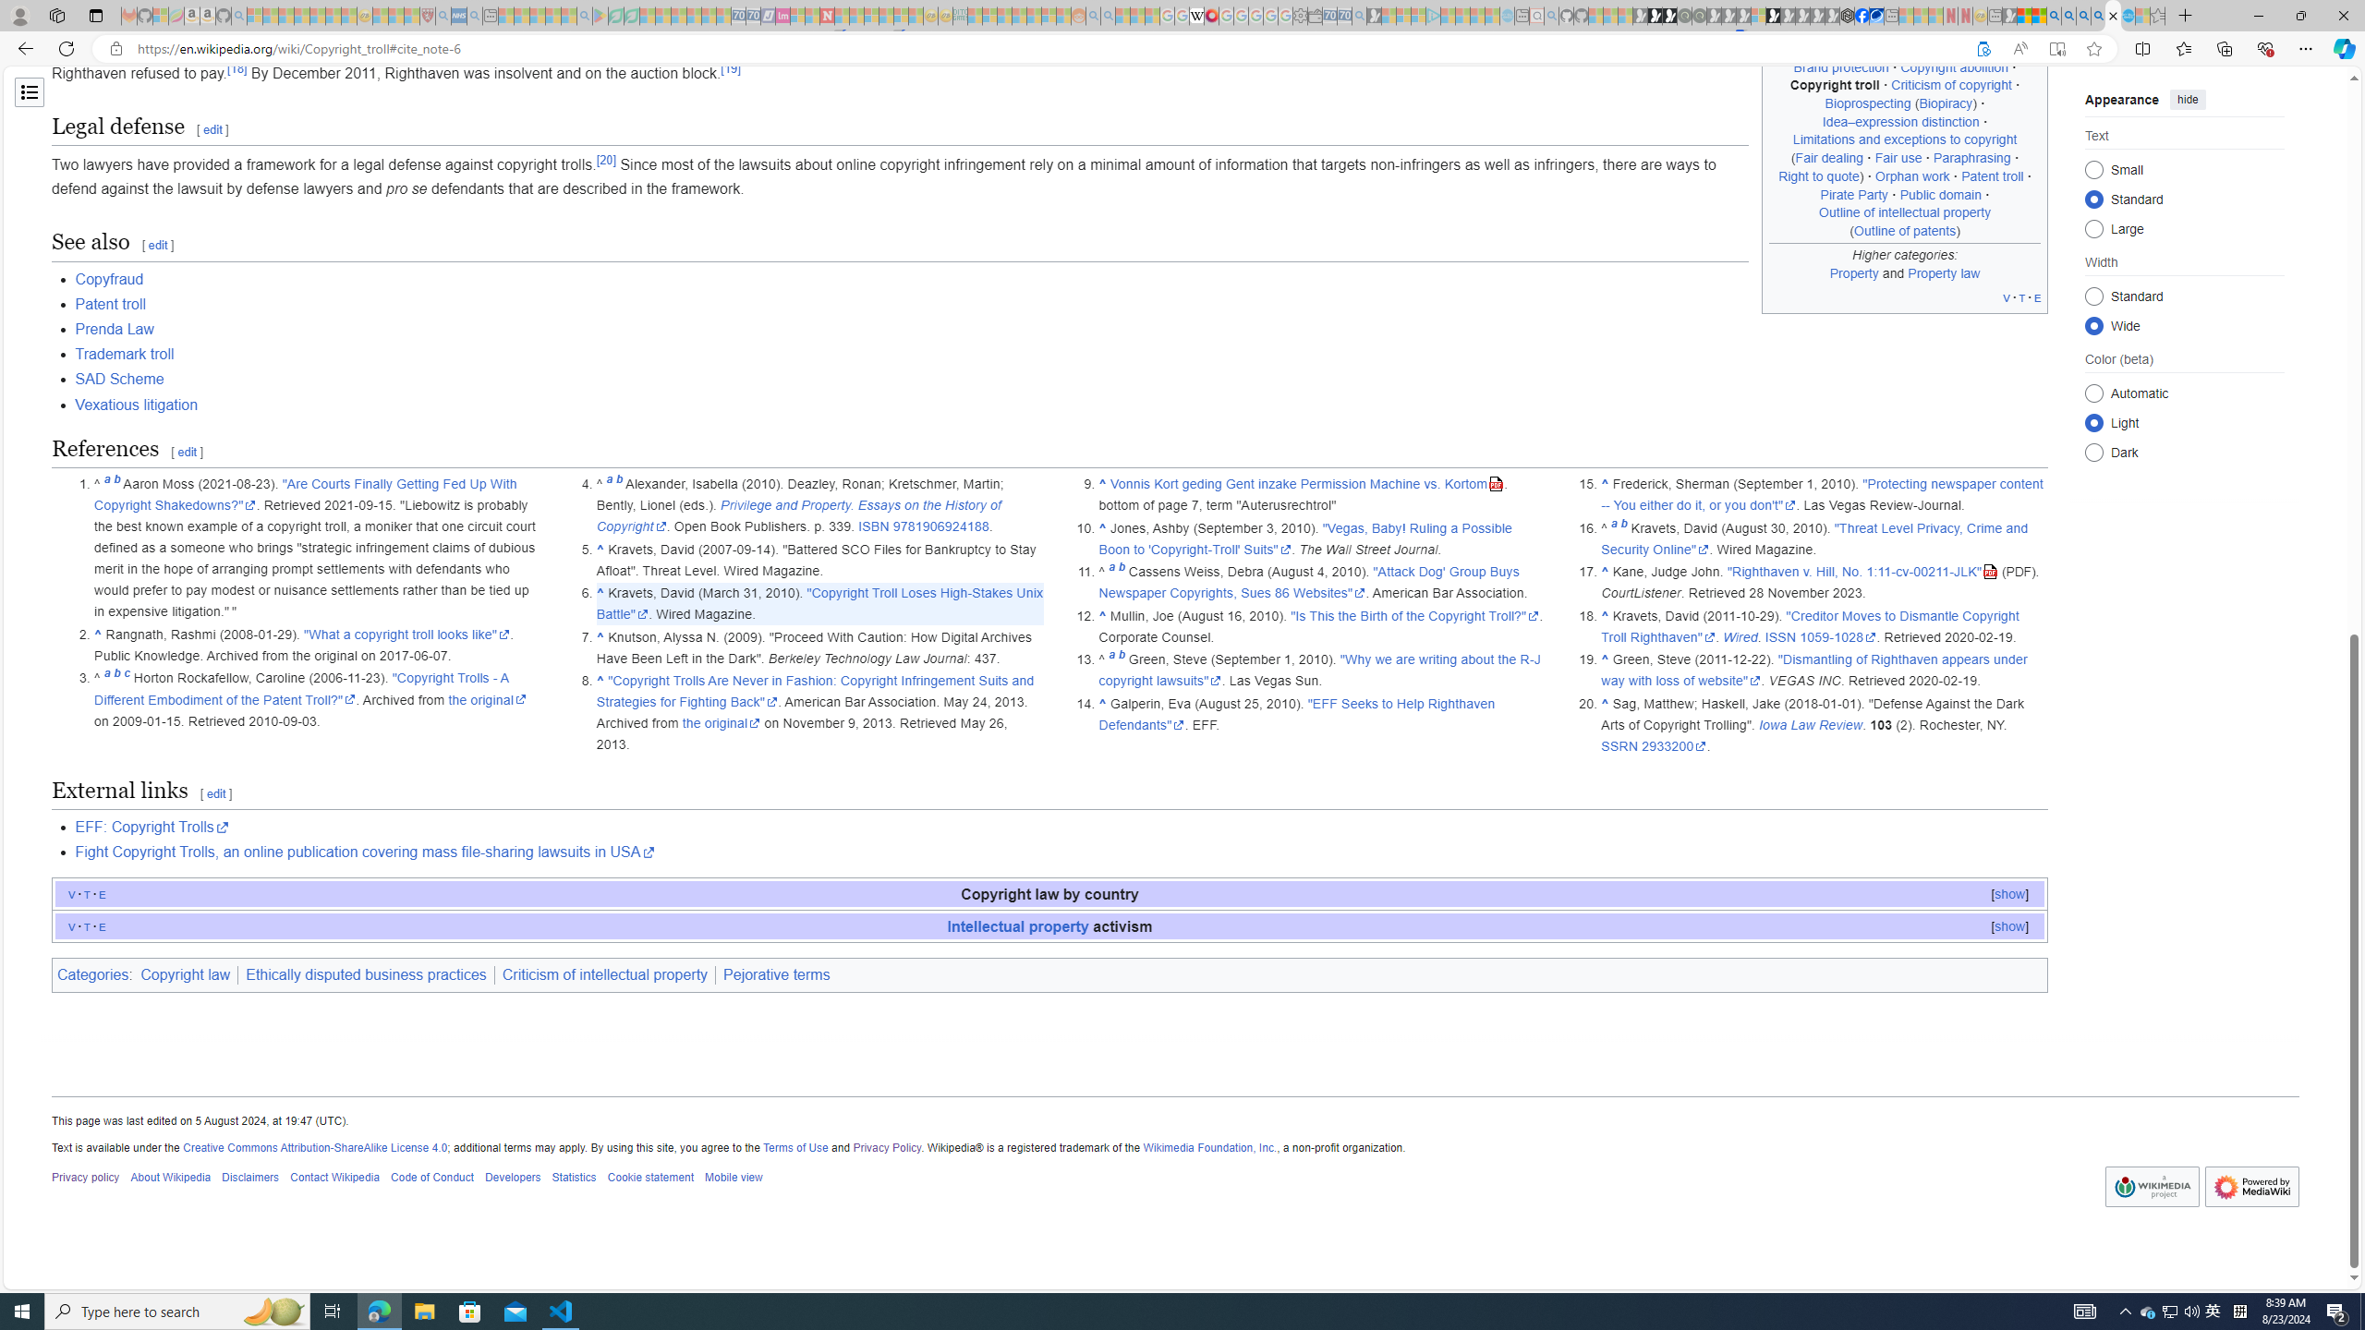 The width and height of the screenshot is (2365, 1330). What do you see at coordinates (1820, 175) in the screenshot?
I see `'Right to quote)'` at bounding box center [1820, 175].